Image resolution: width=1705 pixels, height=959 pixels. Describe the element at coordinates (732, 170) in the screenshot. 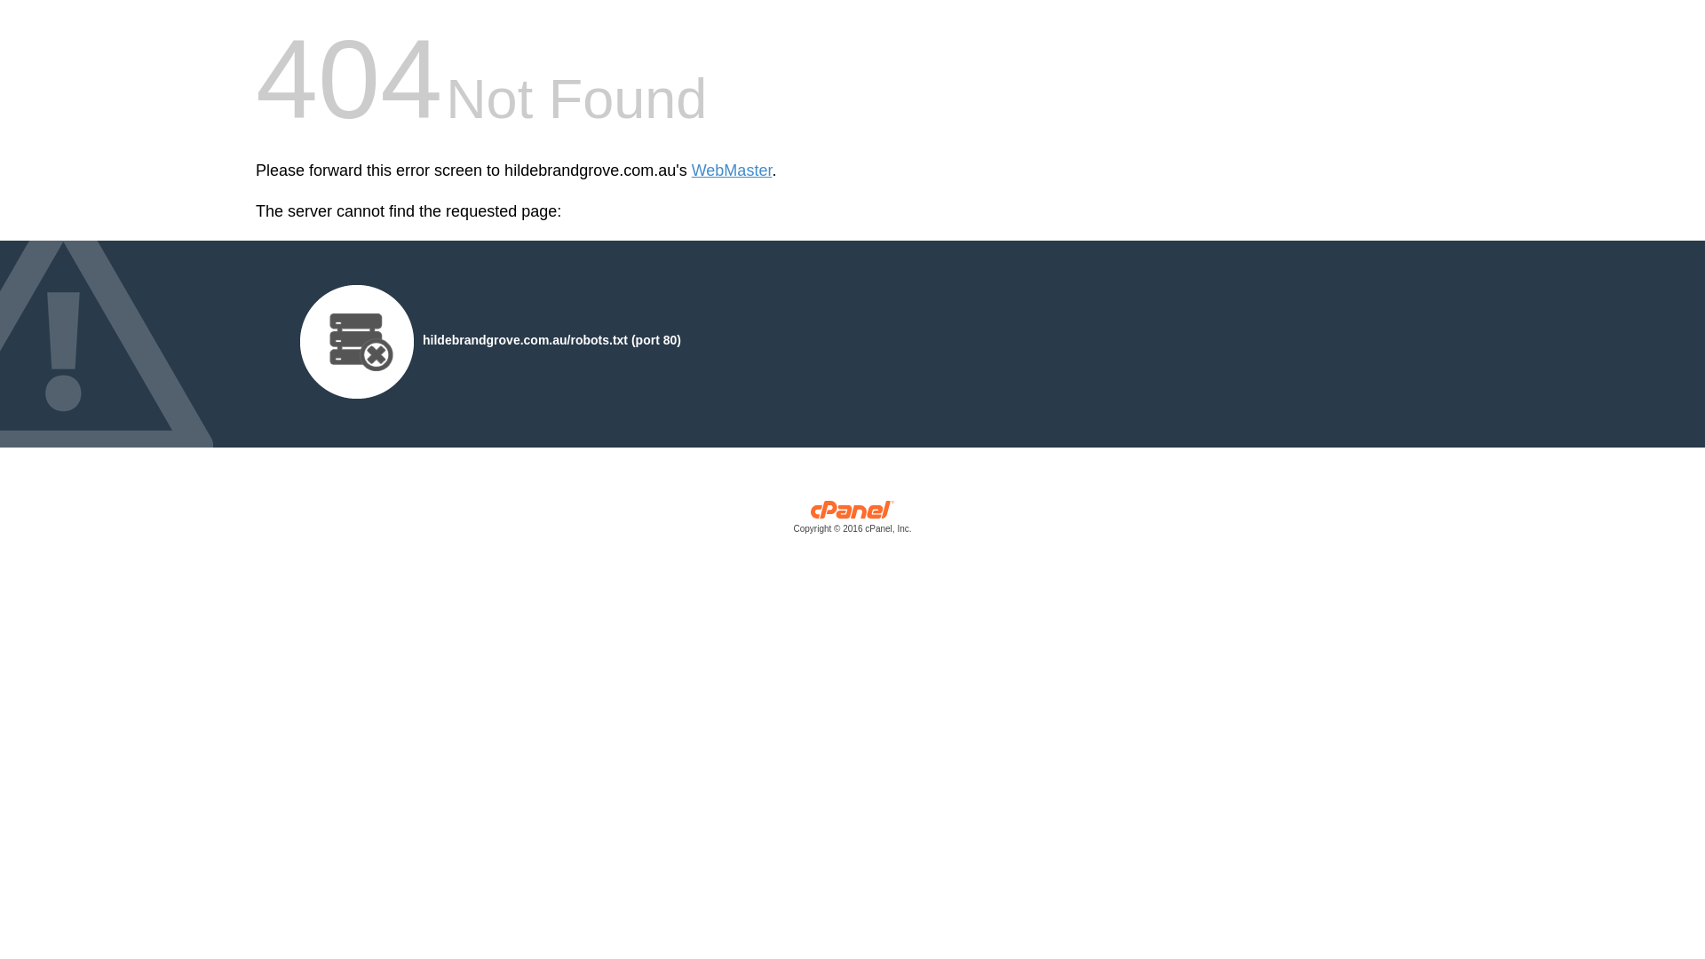

I see `'WebMaster'` at that location.